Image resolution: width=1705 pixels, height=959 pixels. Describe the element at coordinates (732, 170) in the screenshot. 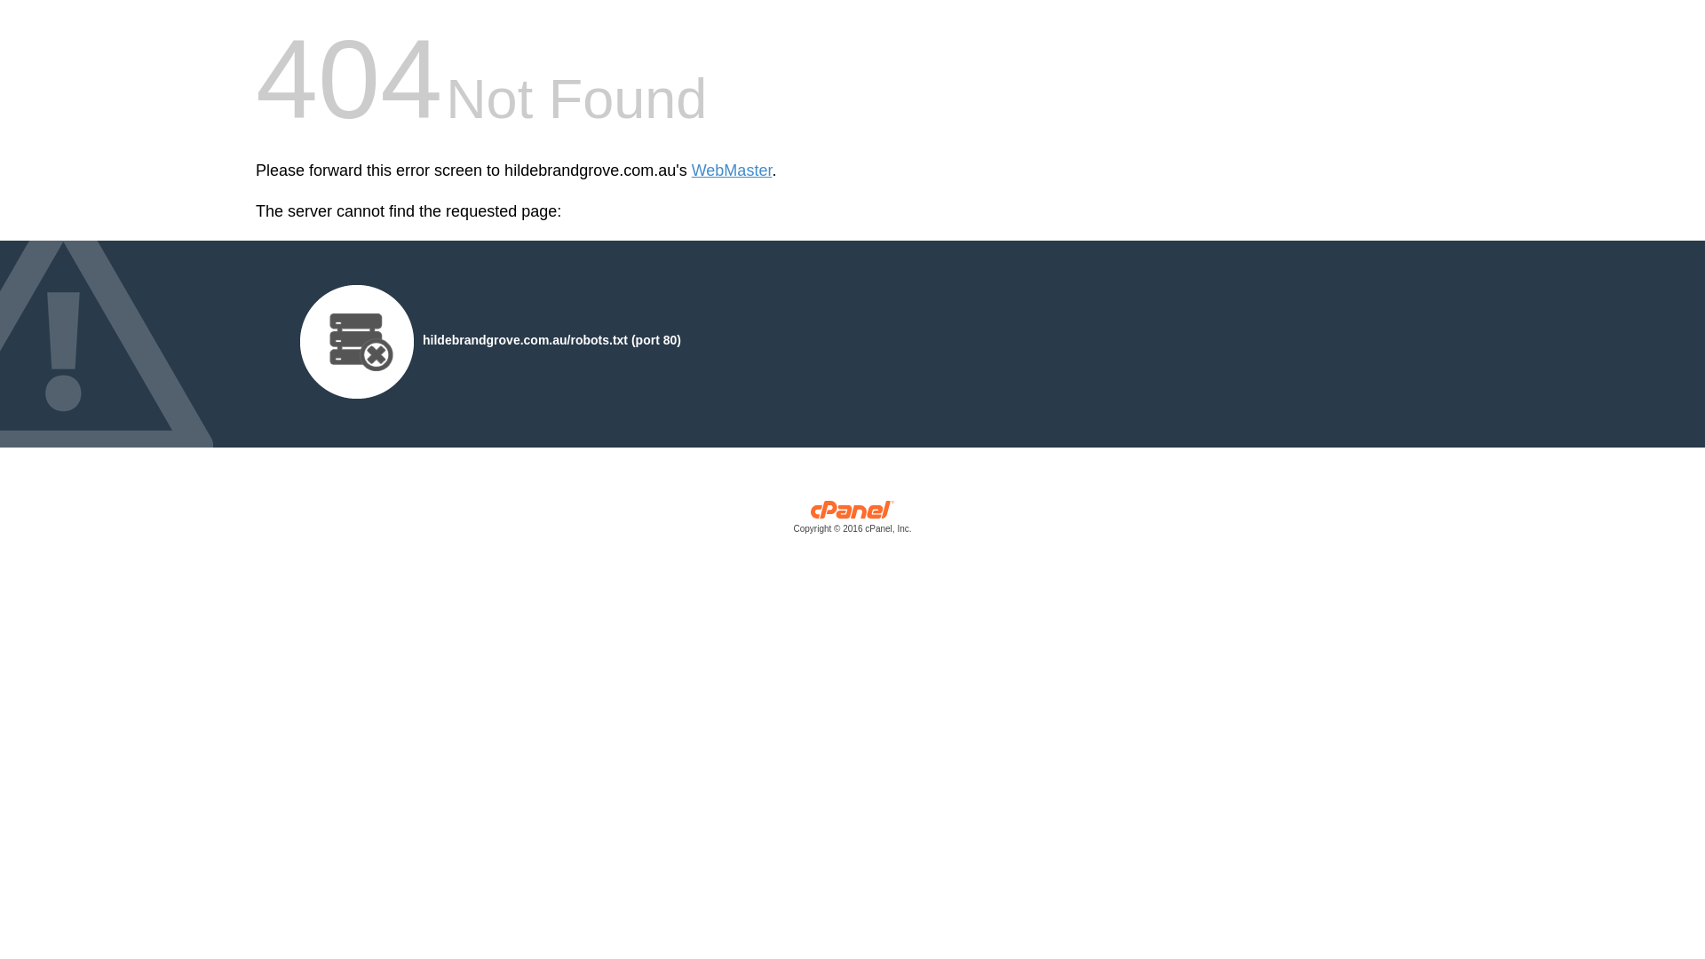

I see `'WebMaster'` at that location.